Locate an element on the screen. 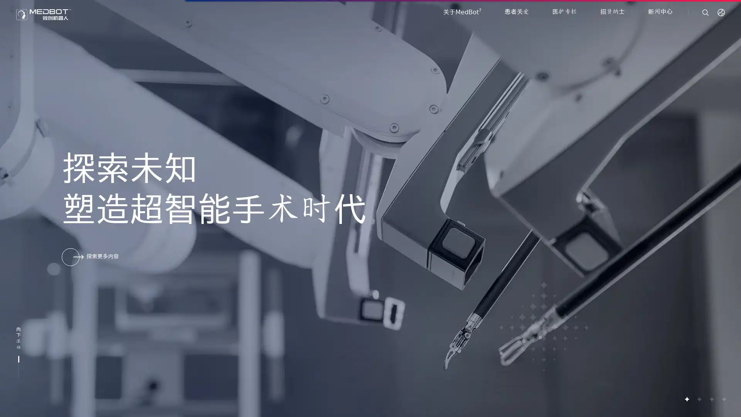  Go to slide 3 is located at coordinates (711, 399).